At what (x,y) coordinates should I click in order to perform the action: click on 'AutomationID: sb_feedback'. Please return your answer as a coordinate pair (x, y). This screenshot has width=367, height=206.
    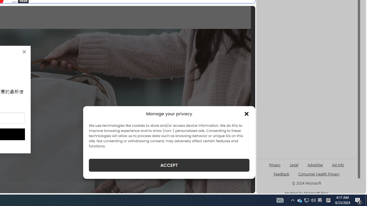
    Looking at the image, I should click on (281, 173).